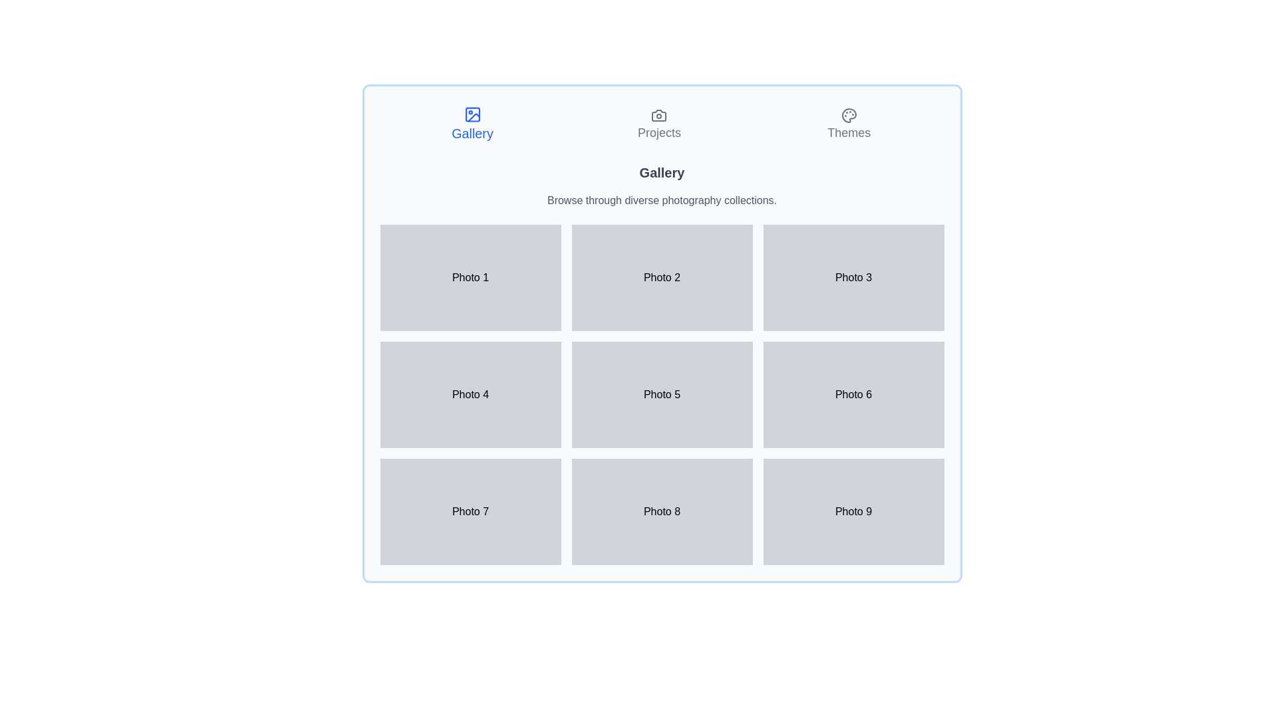  What do you see at coordinates (662, 394) in the screenshot?
I see `the static label representing 'Photo 5' in the middle of a three-by-three grid layout of photo displays, surrounded by 'Photo 4', 'Photo 6', 'Photo 2', and 'Photo 8'` at bounding box center [662, 394].